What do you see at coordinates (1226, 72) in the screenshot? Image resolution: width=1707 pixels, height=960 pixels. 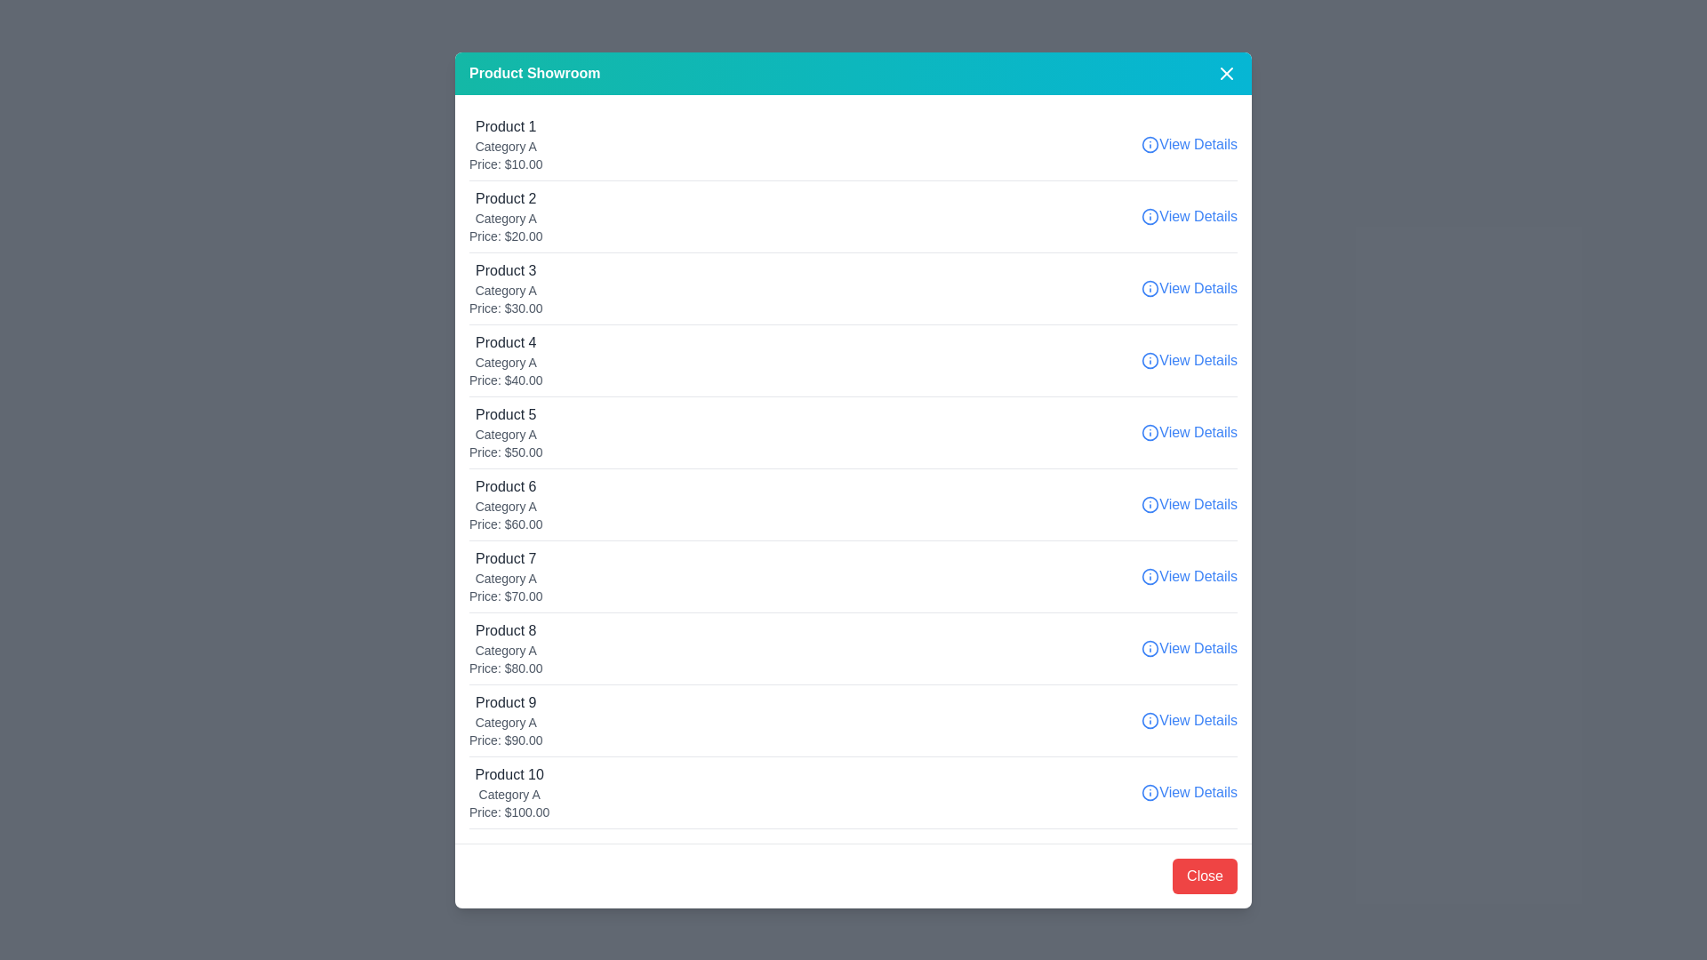 I see `the Close icon in the header to close the dialog` at bounding box center [1226, 72].